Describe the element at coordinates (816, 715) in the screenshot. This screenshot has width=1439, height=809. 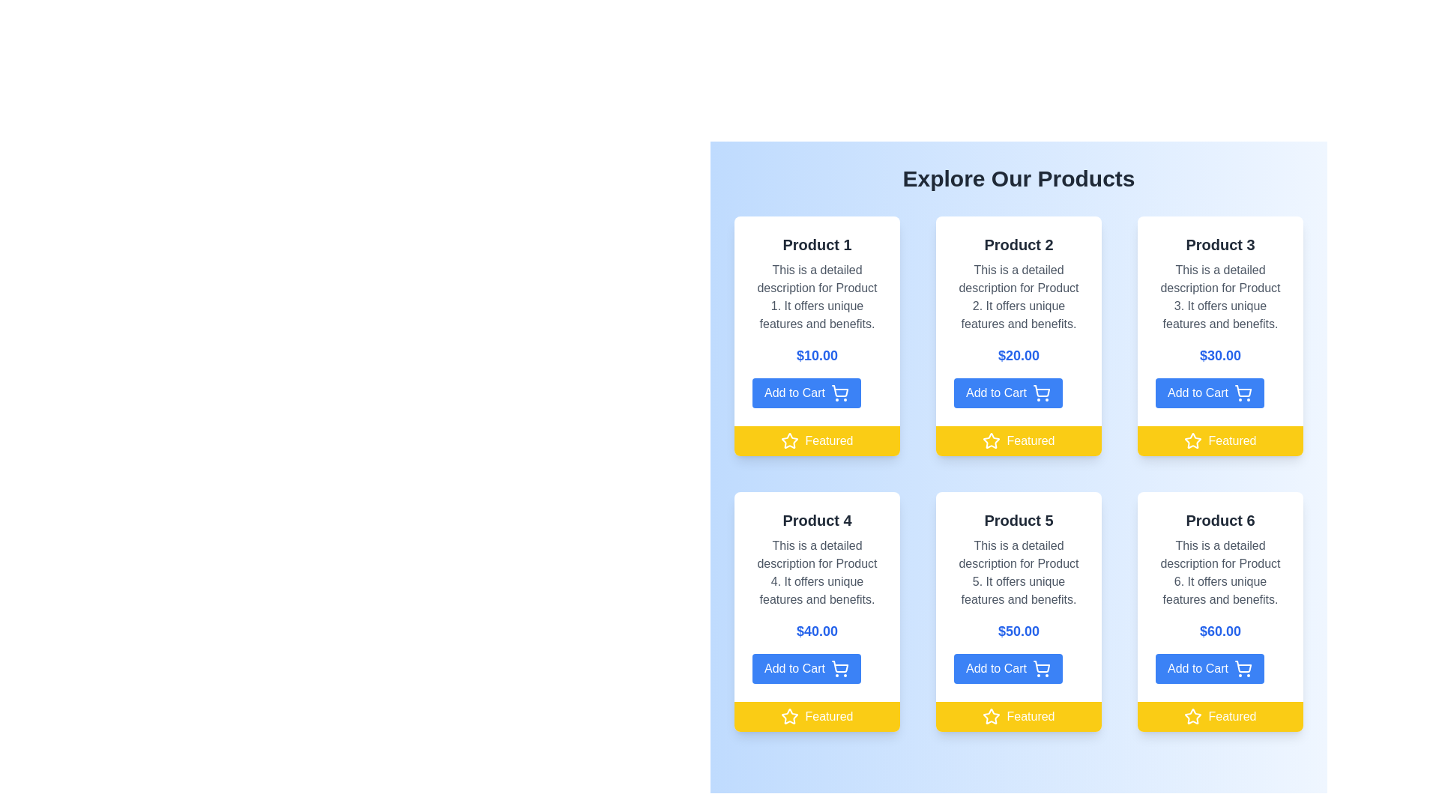
I see `the featured item label beneath the 'Add to Cart' button for 'Product 4' to indicate its special status` at that location.